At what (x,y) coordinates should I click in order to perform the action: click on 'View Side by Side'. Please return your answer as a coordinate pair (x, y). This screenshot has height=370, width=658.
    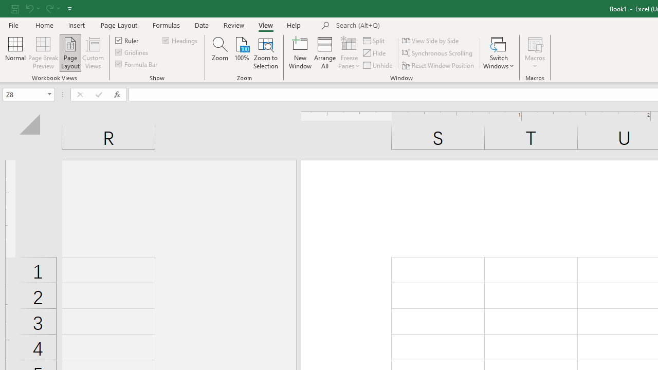
    Looking at the image, I should click on (431, 40).